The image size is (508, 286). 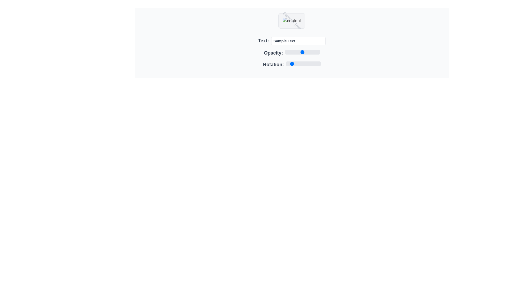 I want to click on the rotation slider, so click(x=310, y=63).